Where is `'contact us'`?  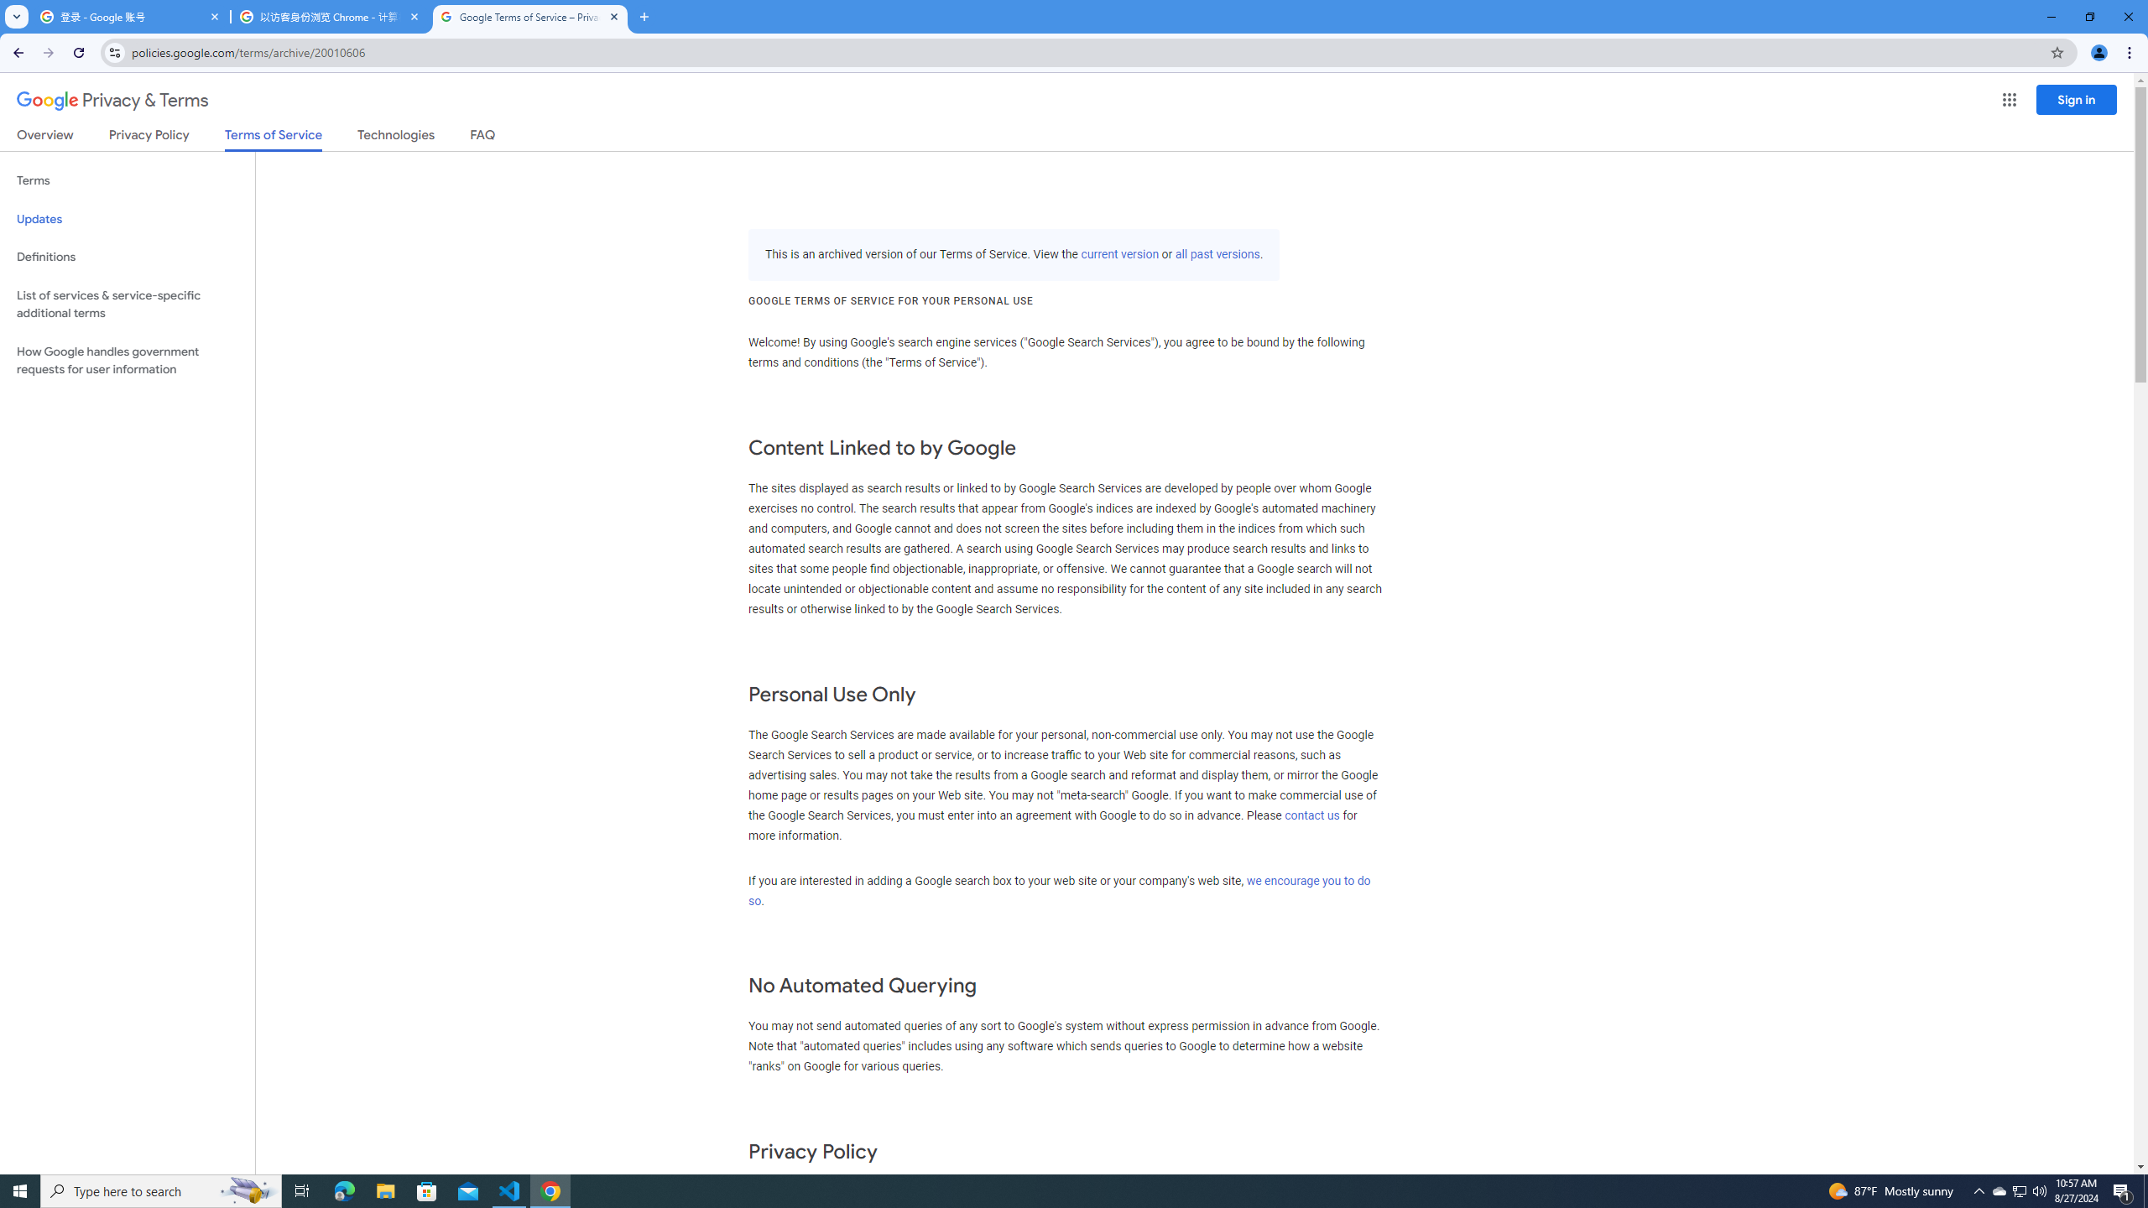
'contact us' is located at coordinates (1312, 815).